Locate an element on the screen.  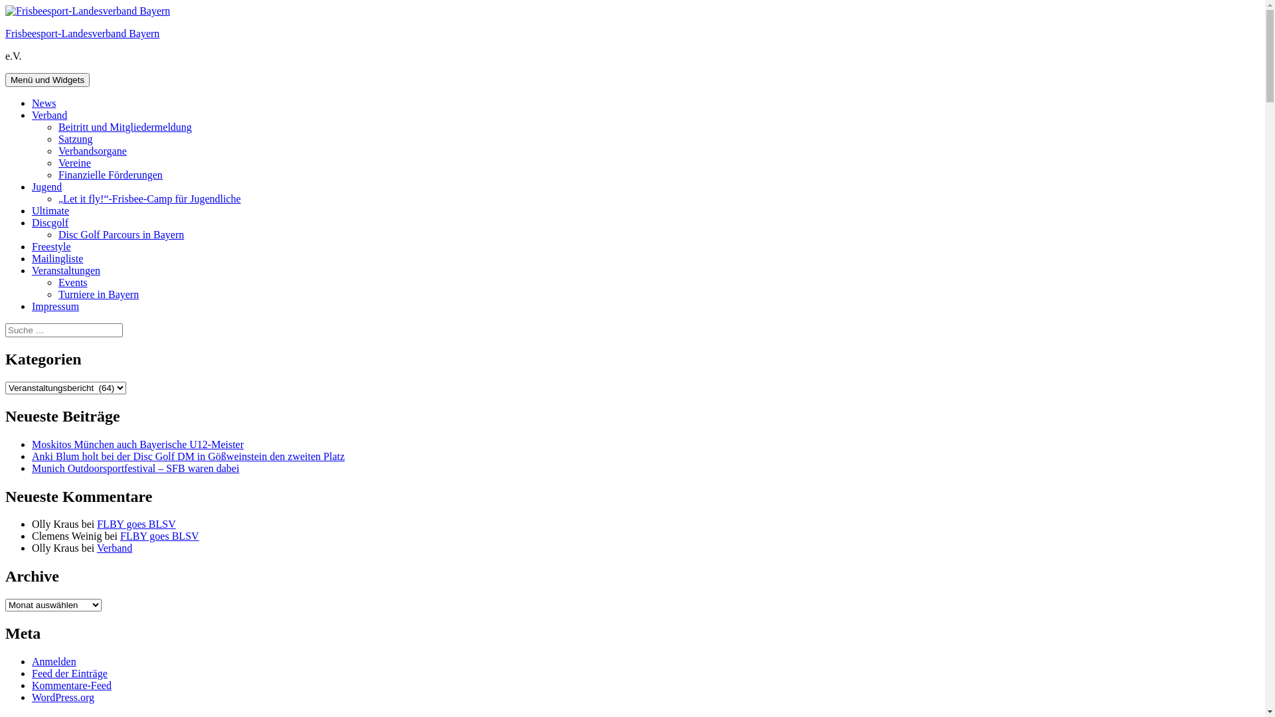
'WordPress.org' is located at coordinates (32, 696).